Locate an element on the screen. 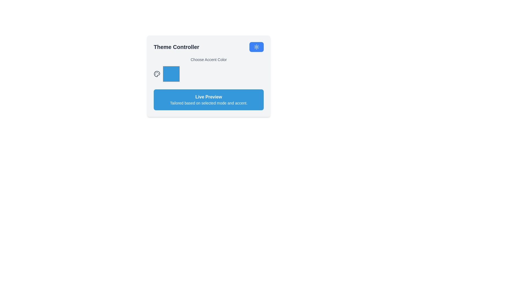 Image resolution: width=528 pixels, height=297 pixels. the small, rounded rectangular blue button with a white sun icon in the top-right corner of the 'Theme Controller' section is located at coordinates (256, 46).